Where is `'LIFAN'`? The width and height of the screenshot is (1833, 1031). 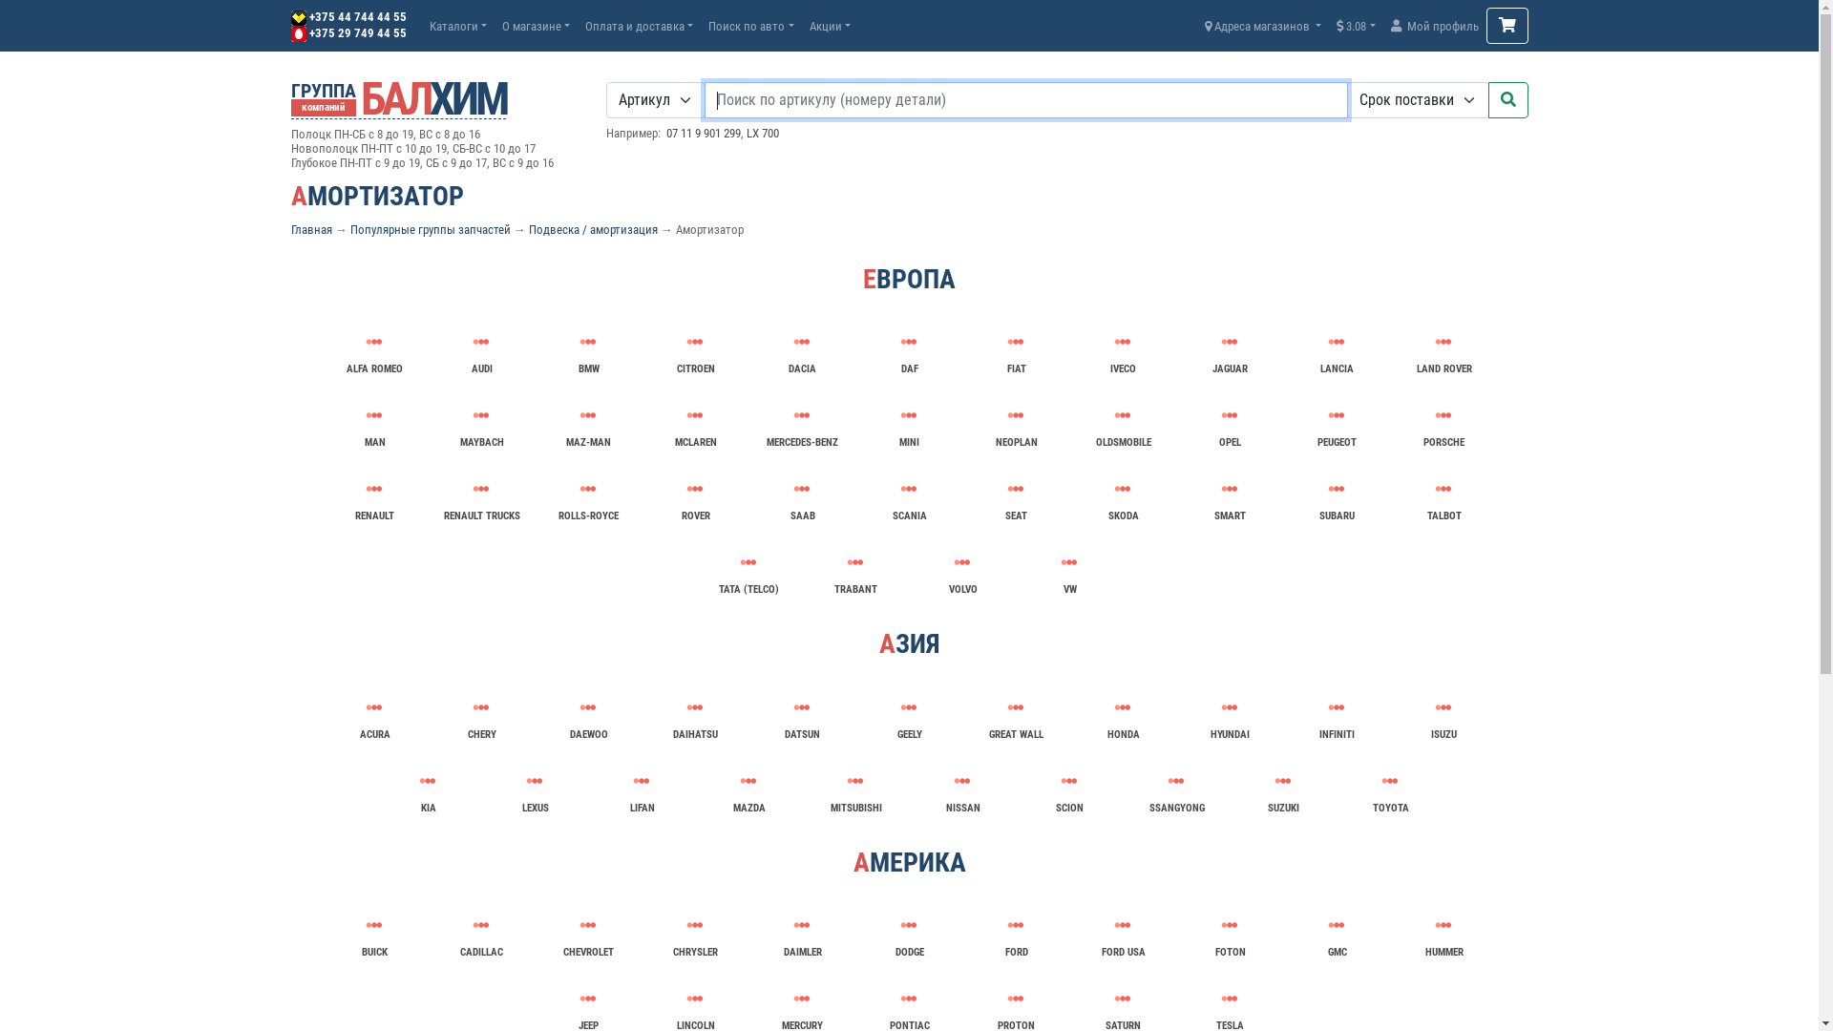
'LIFAN' is located at coordinates (642, 788).